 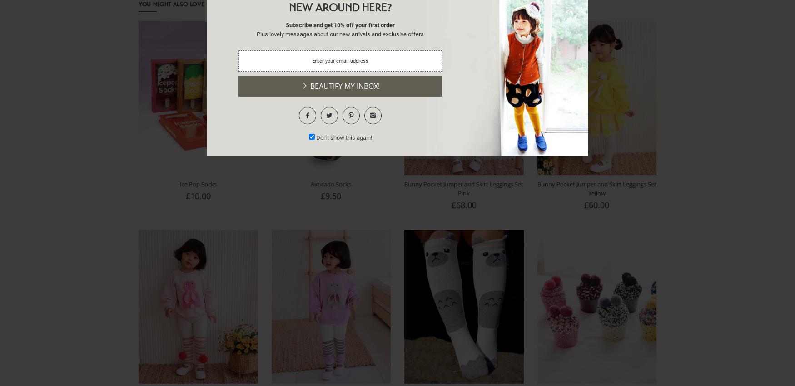 What do you see at coordinates (340, 24) in the screenshot?
I see `'Subscribe and get 10%
 off your first order'` at bounding box center [340, 24].